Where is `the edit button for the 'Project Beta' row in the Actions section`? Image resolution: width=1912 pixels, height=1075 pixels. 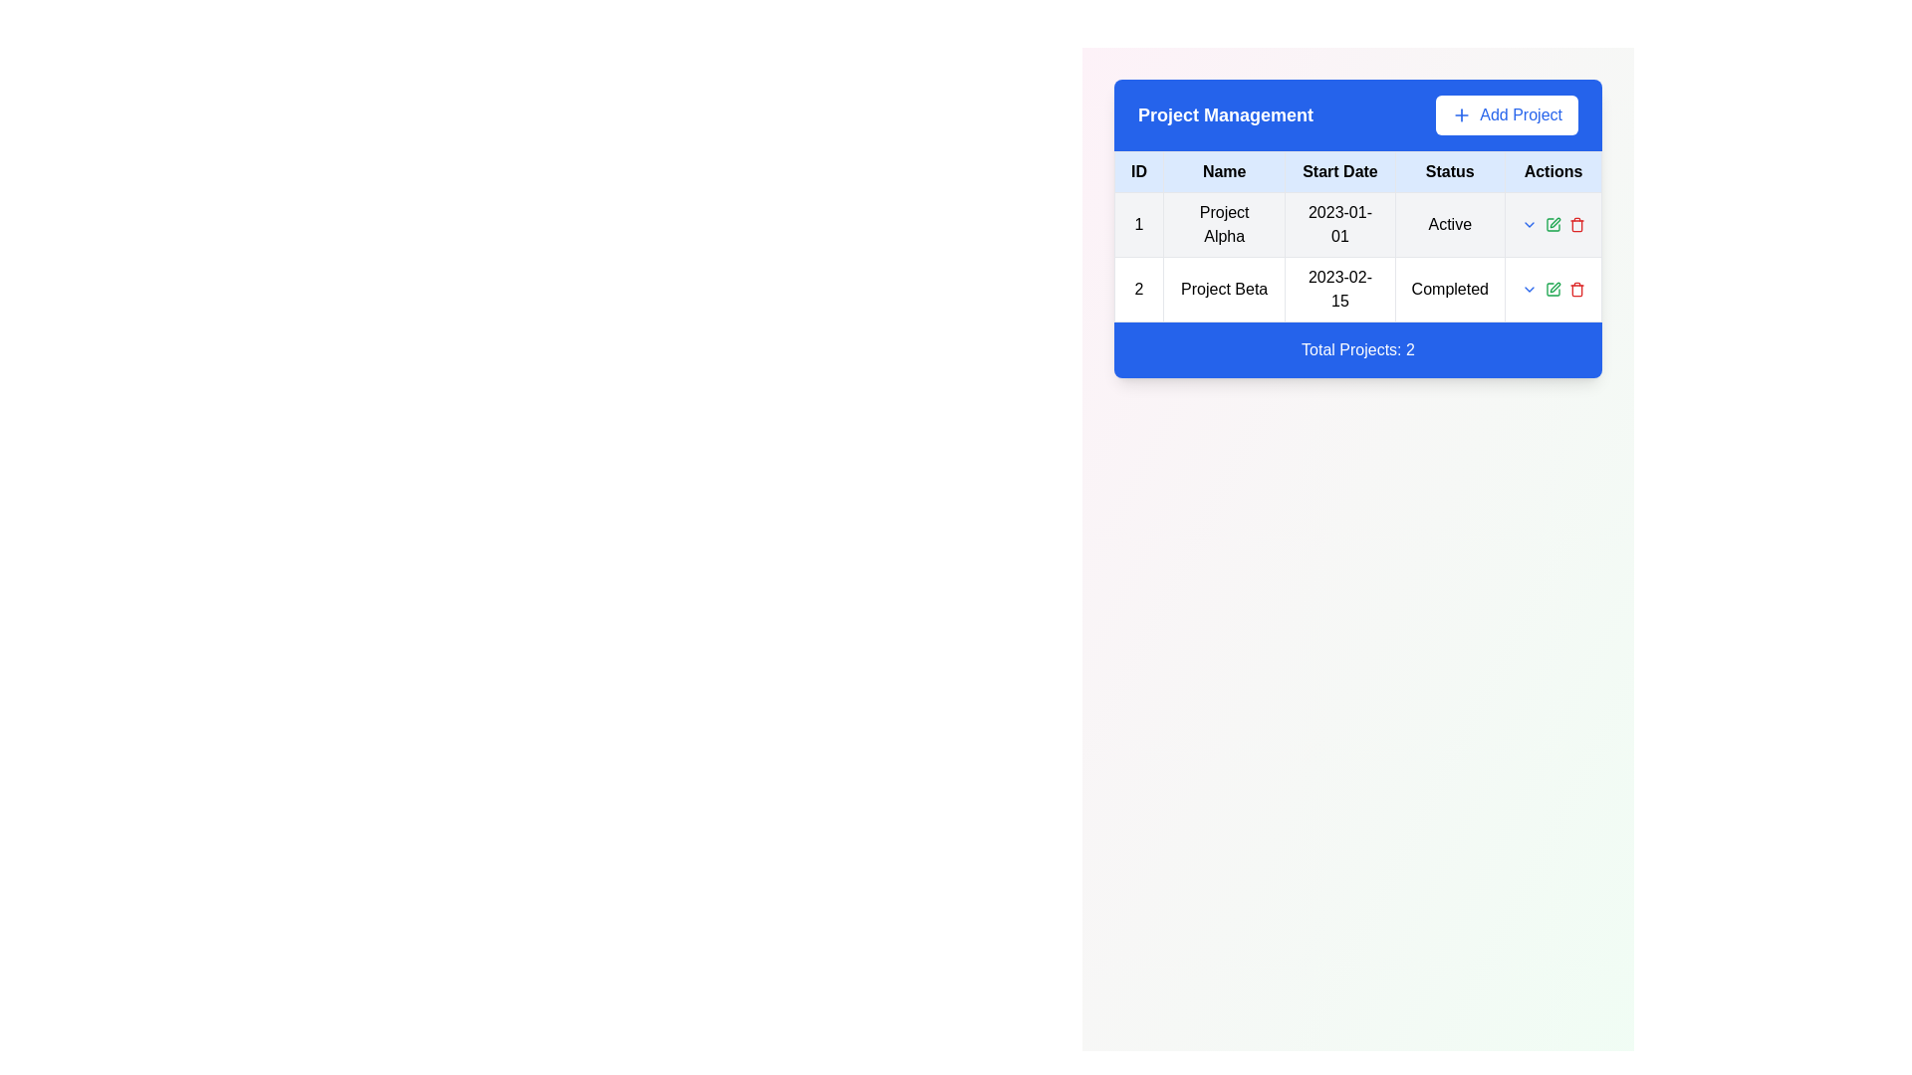 the edit button for the 'Project Beta' row in the Actions section is located at coordinates (1553, 289).